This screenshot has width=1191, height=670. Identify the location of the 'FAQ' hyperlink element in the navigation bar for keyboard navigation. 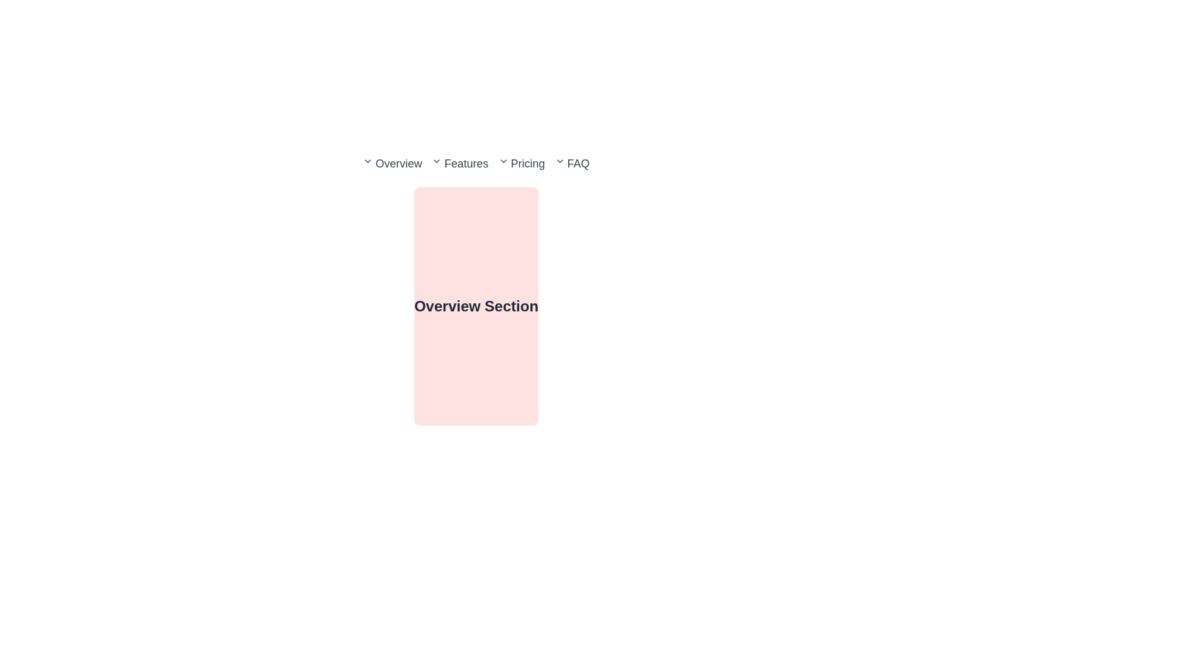
(571, 163).